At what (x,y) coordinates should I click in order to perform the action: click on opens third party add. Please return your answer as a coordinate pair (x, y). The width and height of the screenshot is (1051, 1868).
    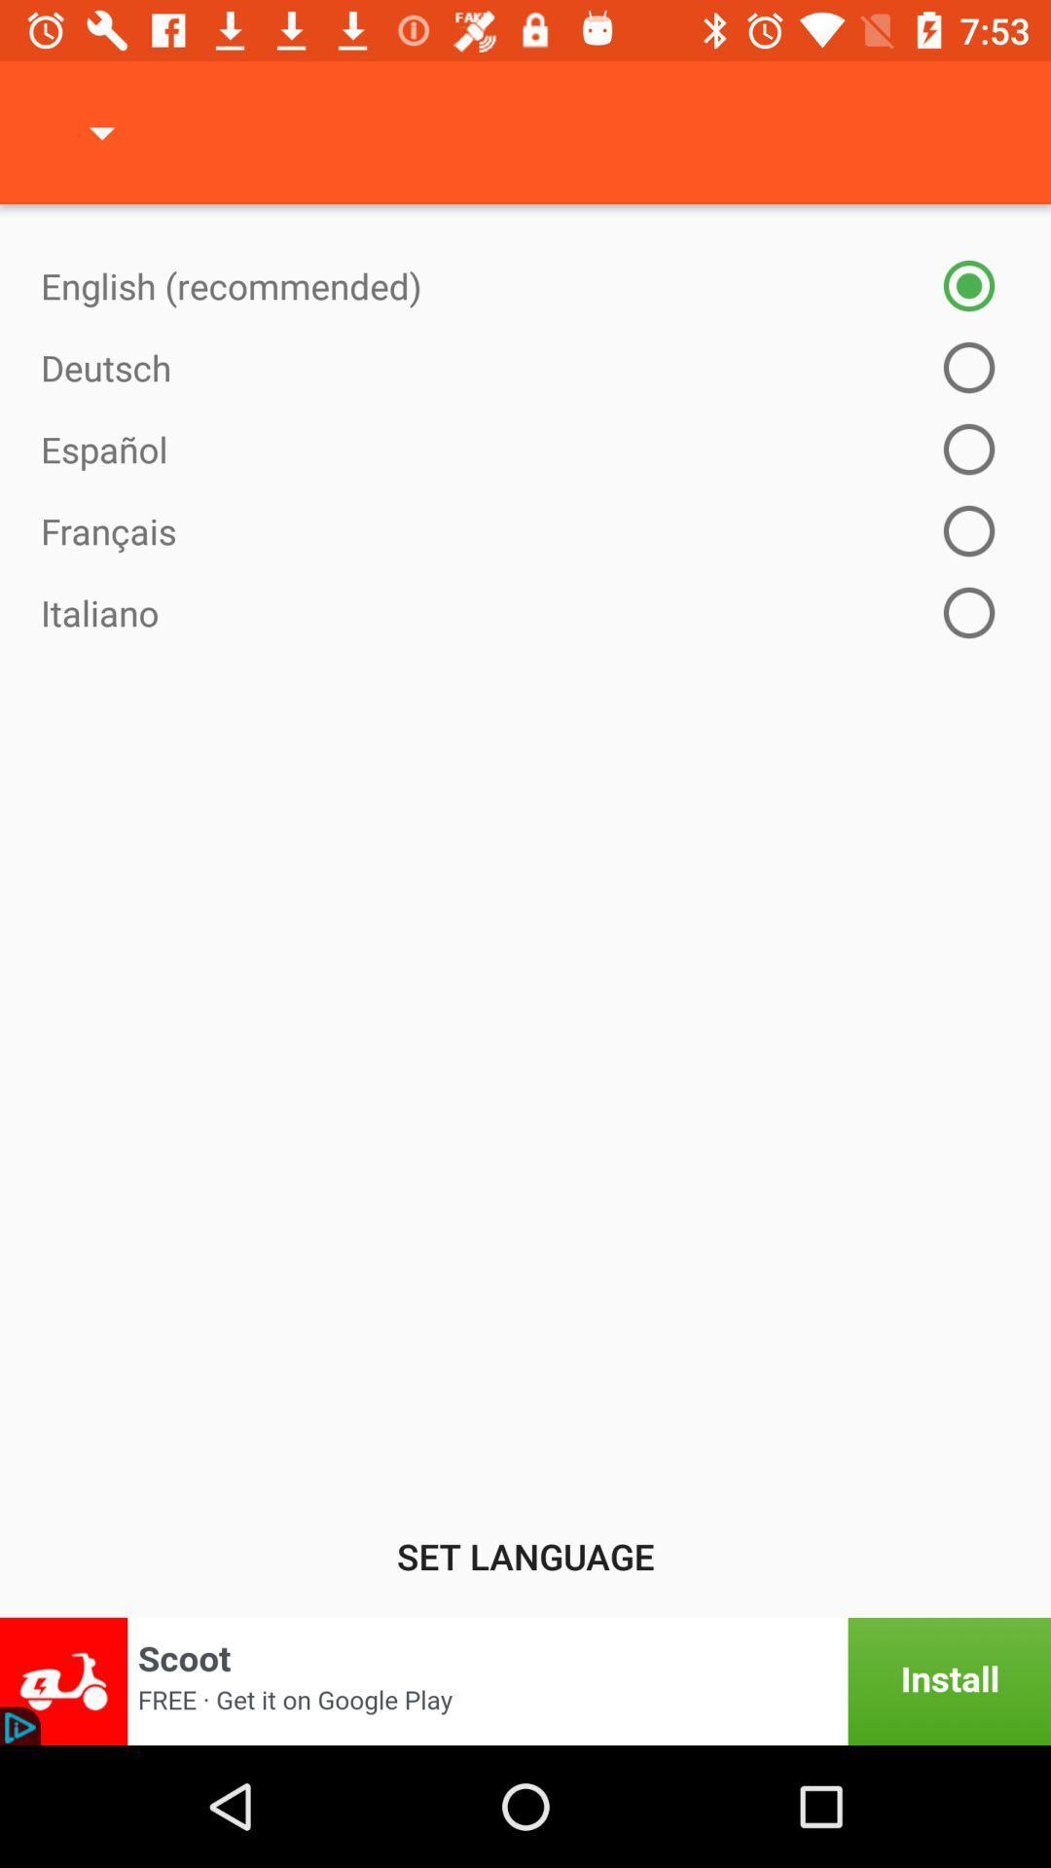
    Looking at the image, I should click on (525, 1680).